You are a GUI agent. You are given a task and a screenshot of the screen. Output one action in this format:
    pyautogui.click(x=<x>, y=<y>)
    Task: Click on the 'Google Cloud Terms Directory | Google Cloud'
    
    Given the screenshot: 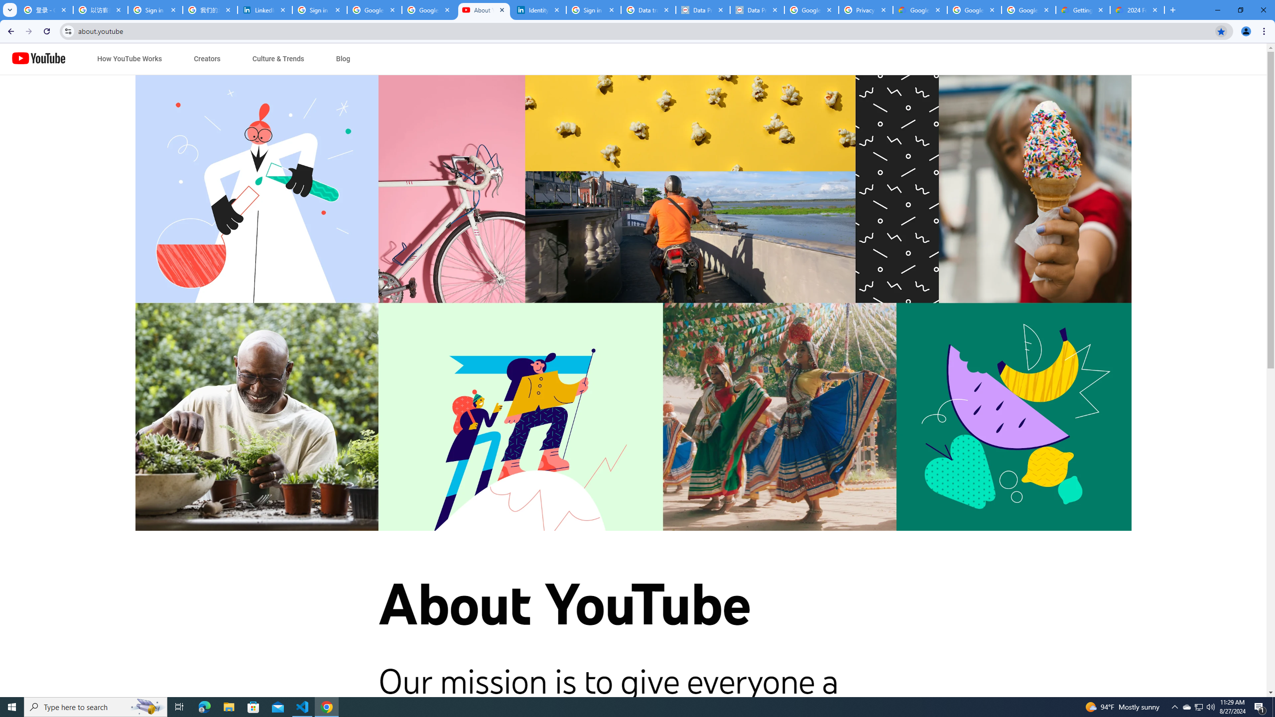 What is the action you would take?
    pyautogui.click(x=919, y=9)
    